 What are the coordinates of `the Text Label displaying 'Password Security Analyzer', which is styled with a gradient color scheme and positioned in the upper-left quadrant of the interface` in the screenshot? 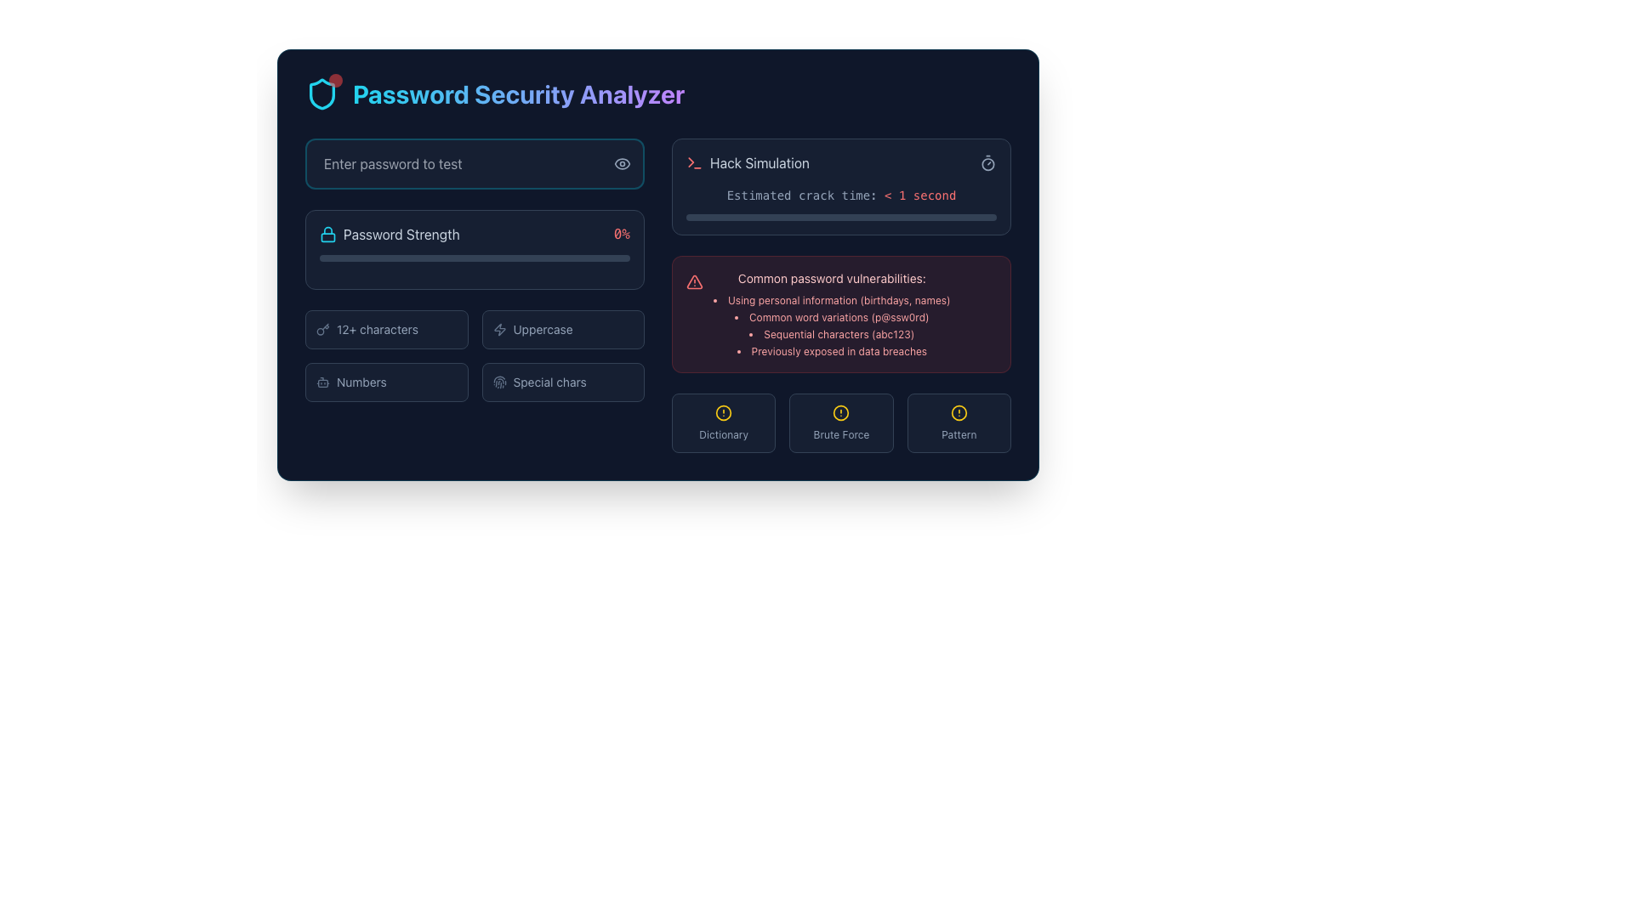 It's located at (518, 94).